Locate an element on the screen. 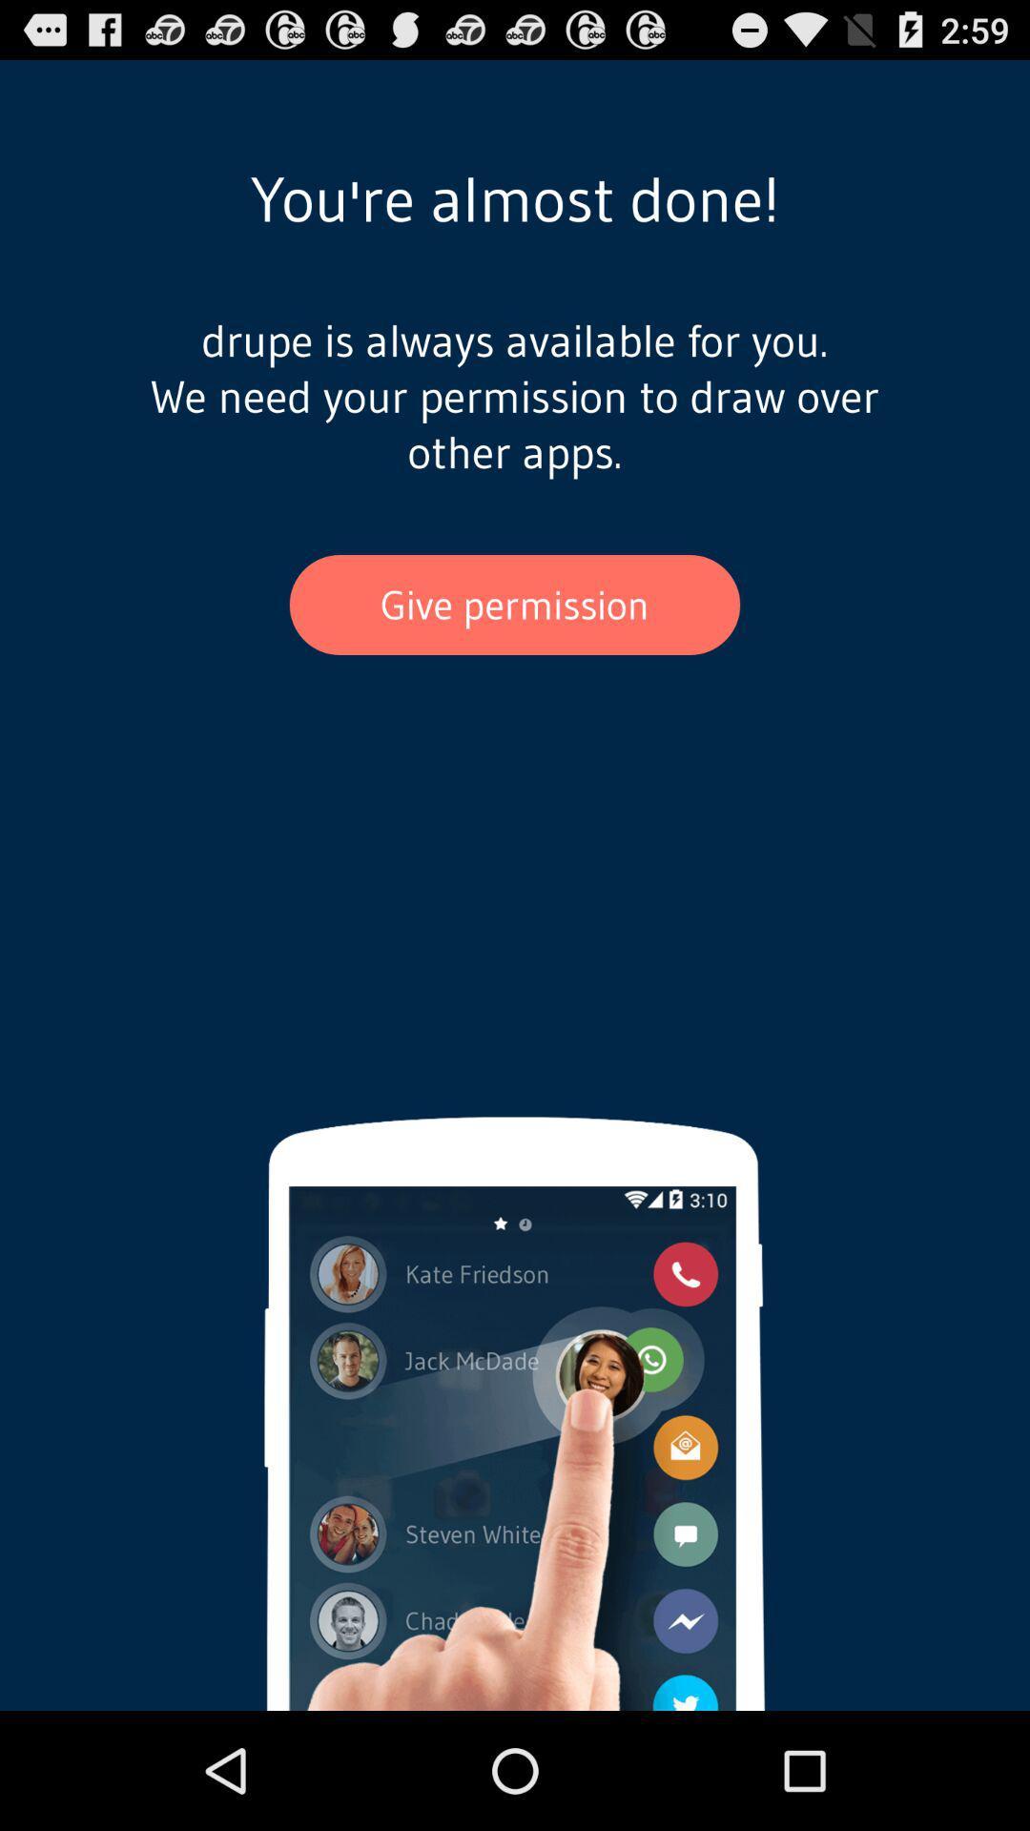  the give permission is located at coordinates (515, 604).